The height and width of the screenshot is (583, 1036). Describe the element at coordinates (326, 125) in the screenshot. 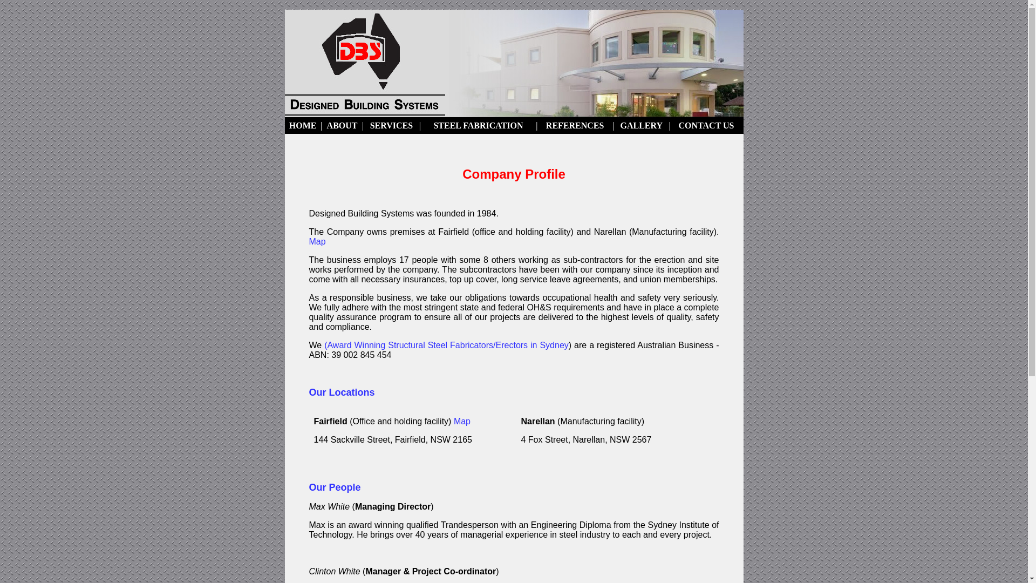

I see `'ABOUT'` at that location.